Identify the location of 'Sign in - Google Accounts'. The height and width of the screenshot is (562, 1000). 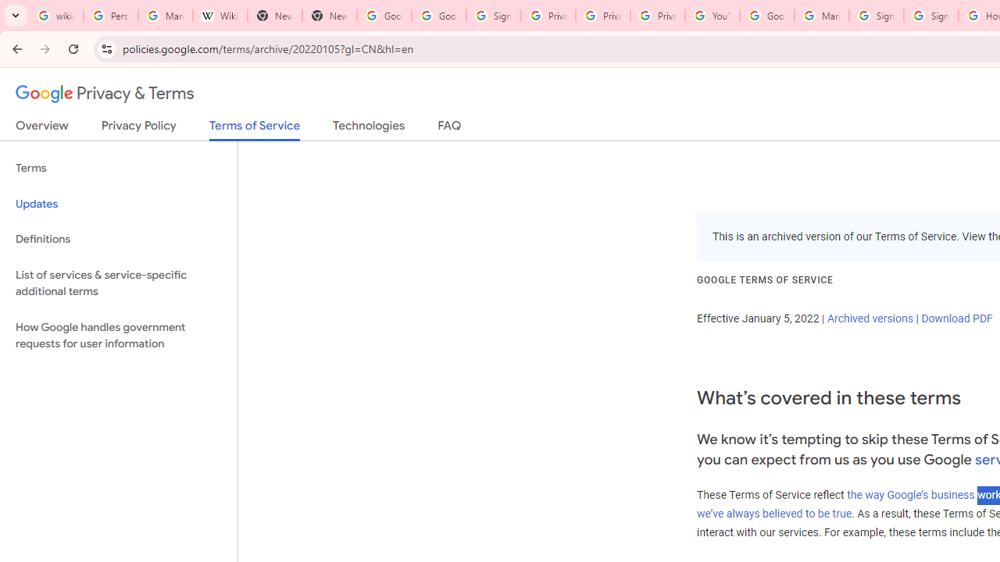
(492, 16).